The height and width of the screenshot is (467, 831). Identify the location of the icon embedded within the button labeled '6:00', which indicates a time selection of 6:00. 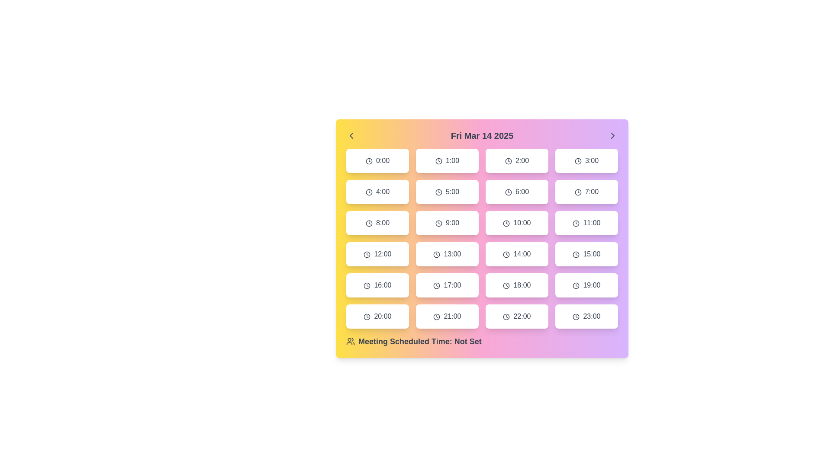
(508, 192).